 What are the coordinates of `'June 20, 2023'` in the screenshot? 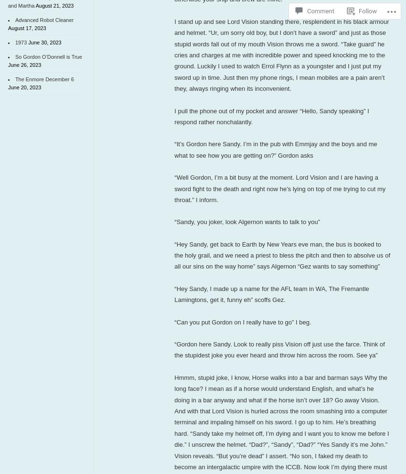 It's located at (24, 86).